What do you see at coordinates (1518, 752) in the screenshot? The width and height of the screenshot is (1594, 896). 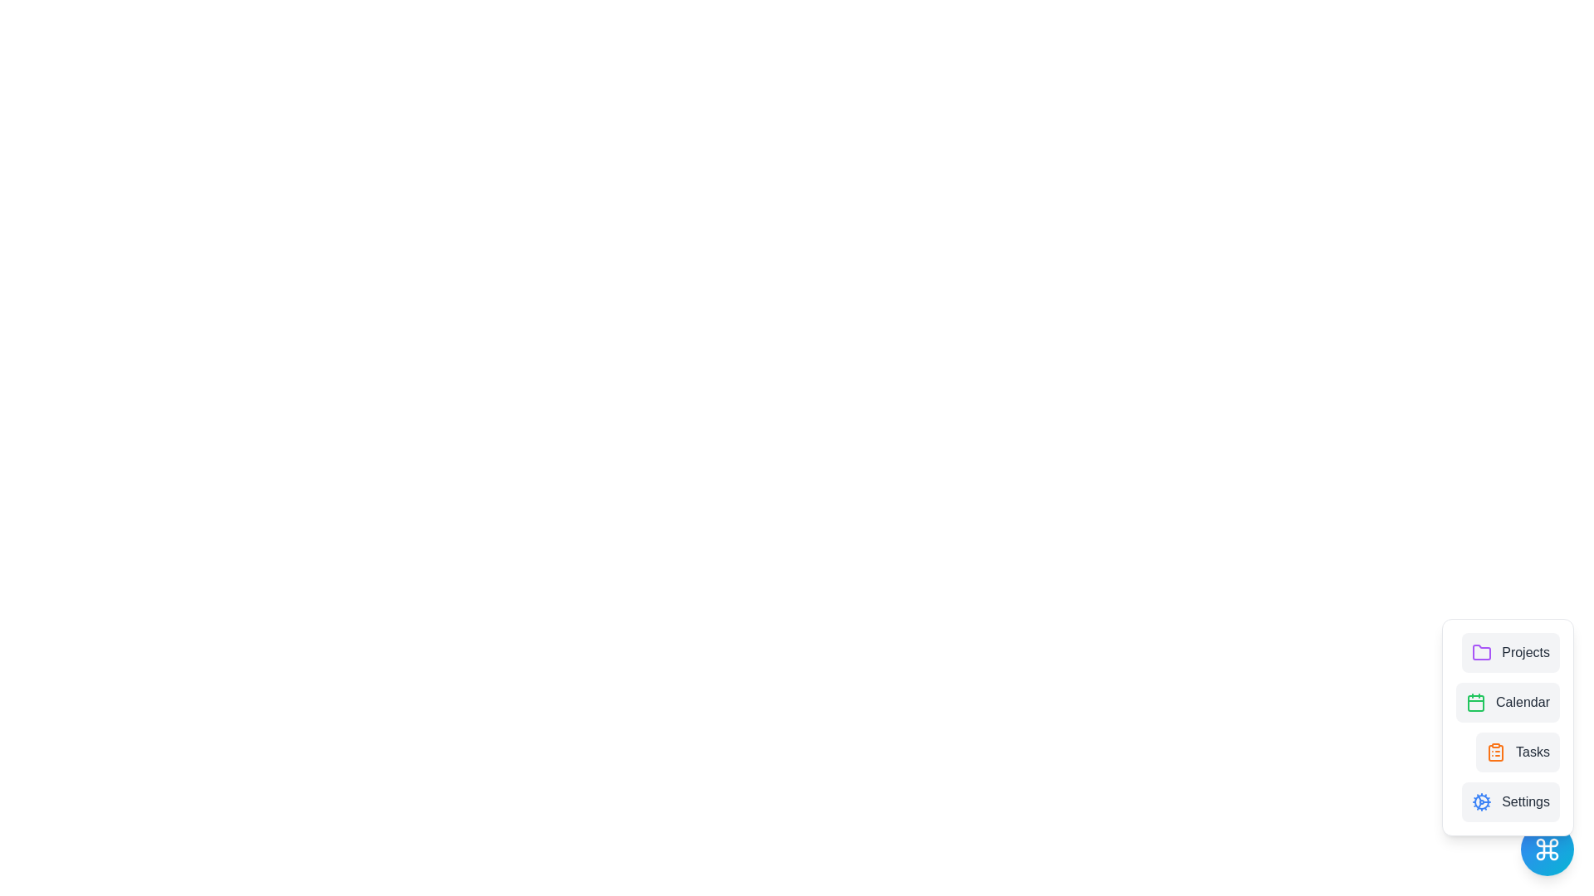 I see `the Tasks option in the menu` at bounding box center [1518, 752].